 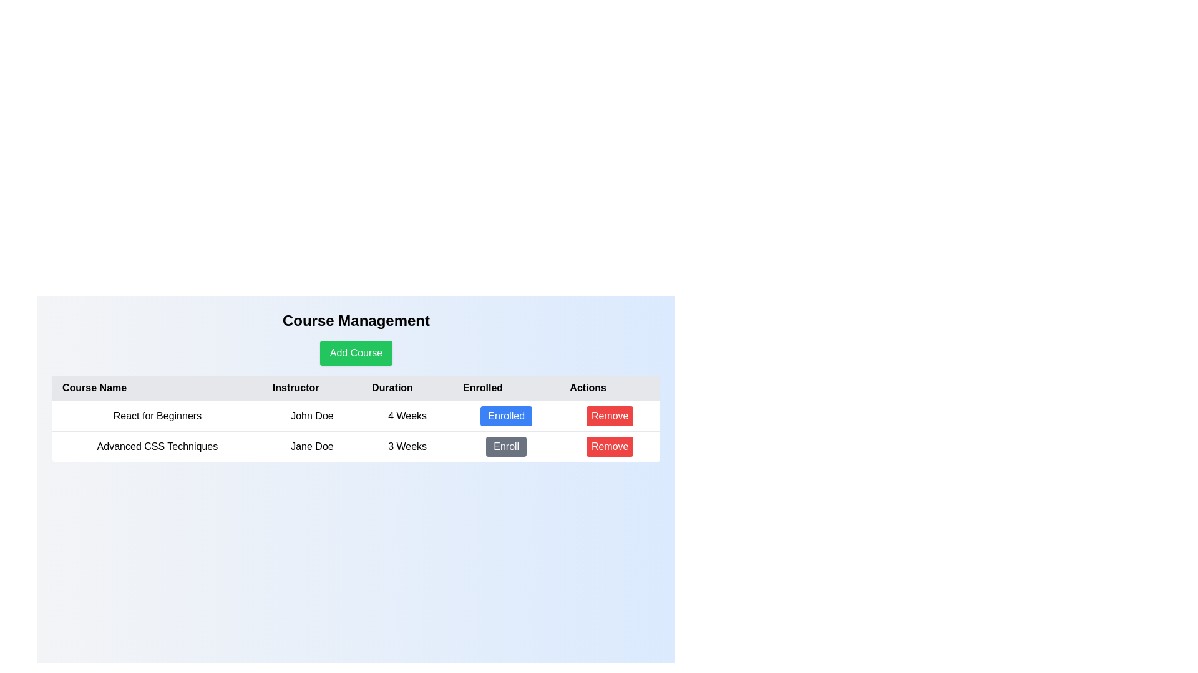 What do you see at coordinates (407, 388) in the screenshot?
I see `the 'Duration' column header in the table, which is the third column header following 'Course Name' and 'Instructor'` at bounding box center [407, 388].